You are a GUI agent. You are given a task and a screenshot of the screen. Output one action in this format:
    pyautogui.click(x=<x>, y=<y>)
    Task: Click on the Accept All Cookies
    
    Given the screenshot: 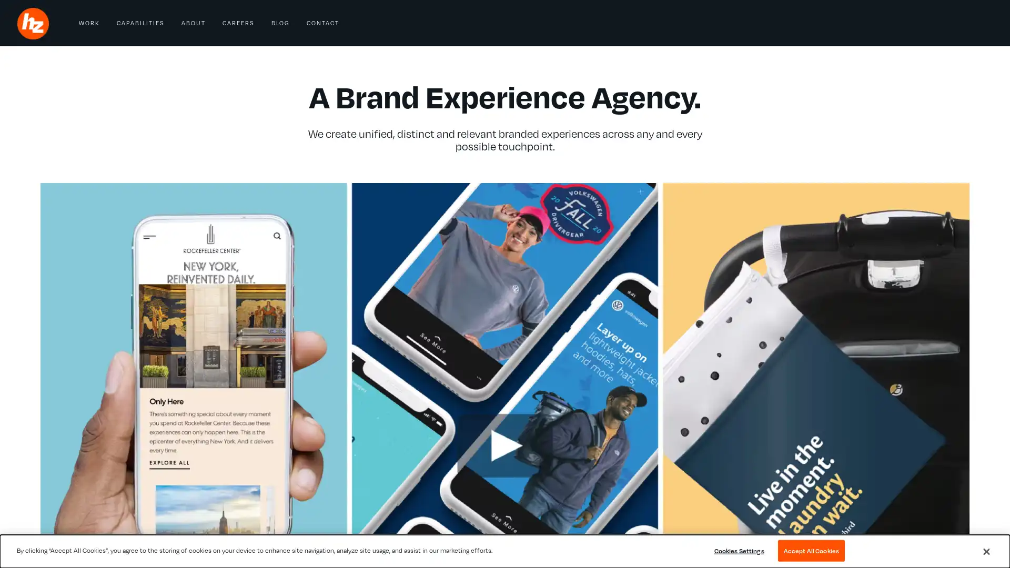 What is the action you would take?
    pyautogui.click(x=810, y=550)
    